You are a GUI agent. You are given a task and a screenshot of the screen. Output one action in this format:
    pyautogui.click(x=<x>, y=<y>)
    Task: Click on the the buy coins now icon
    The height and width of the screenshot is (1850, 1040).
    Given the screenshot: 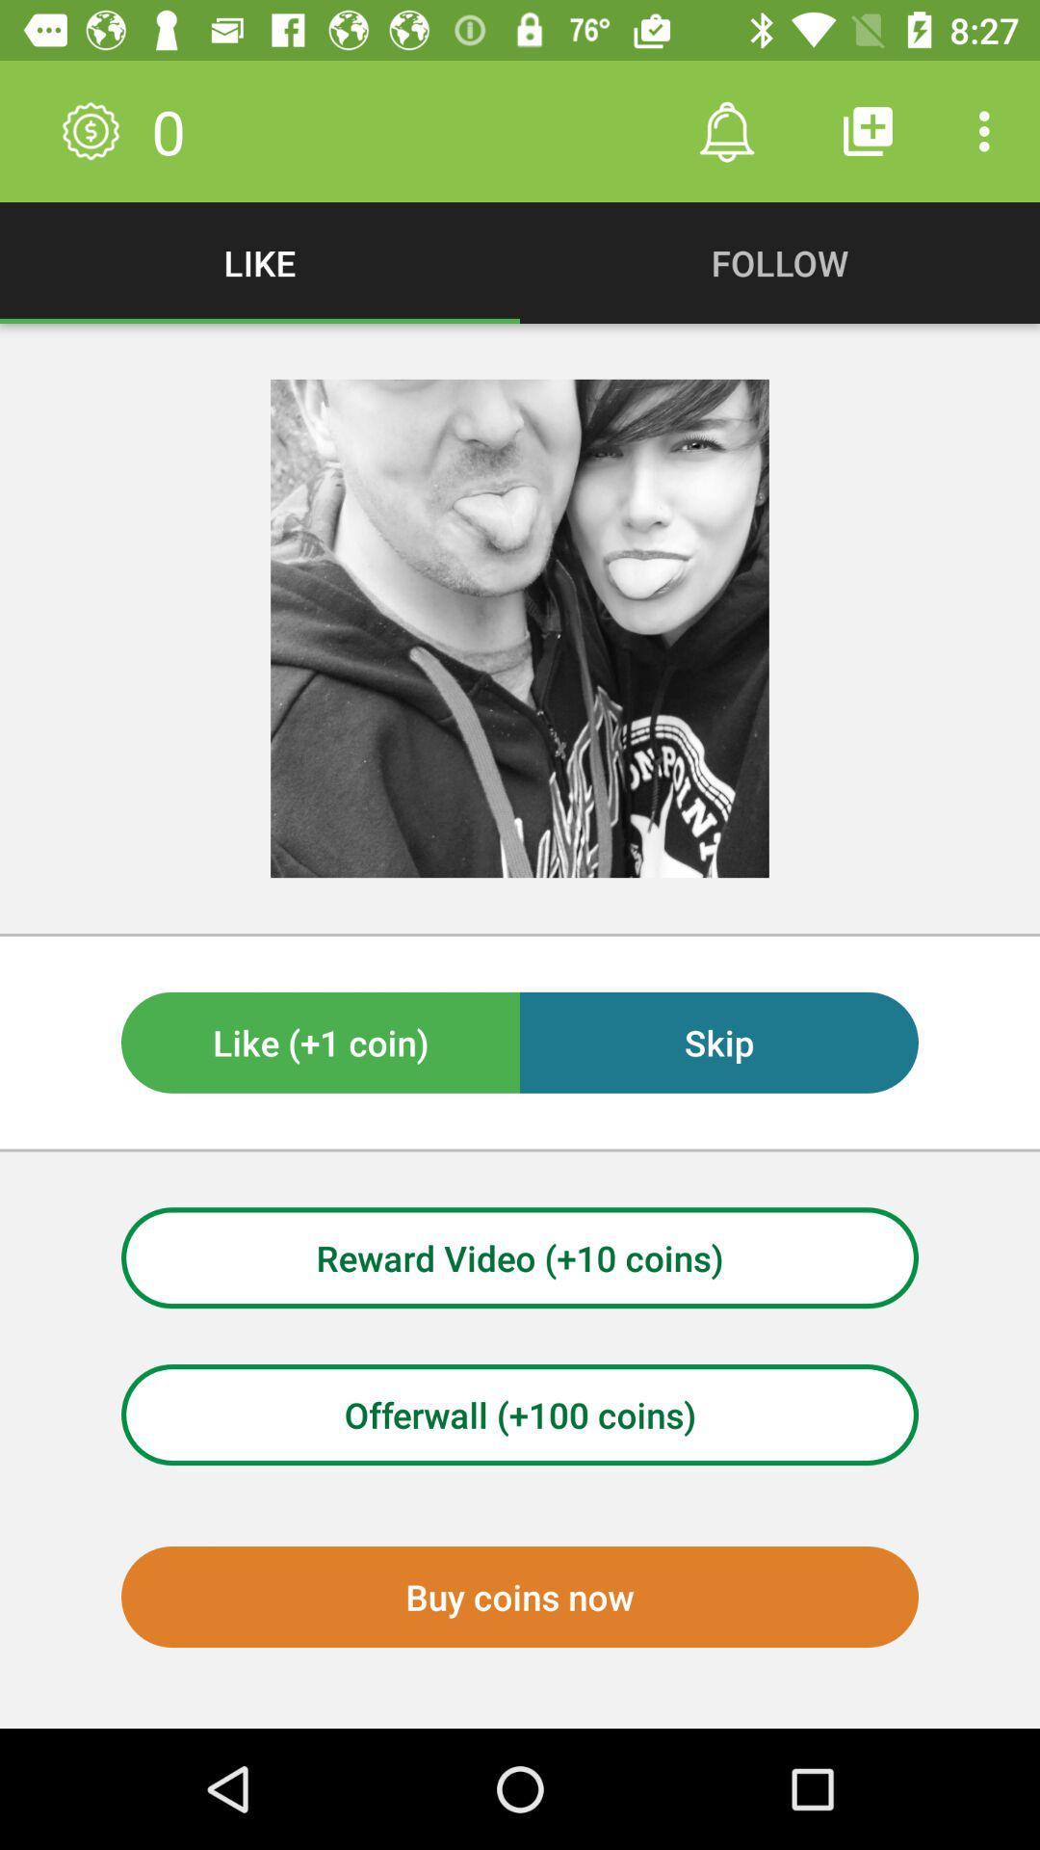 What is the action you would take?
    pyautogui.click(x=520, y=1597)
    